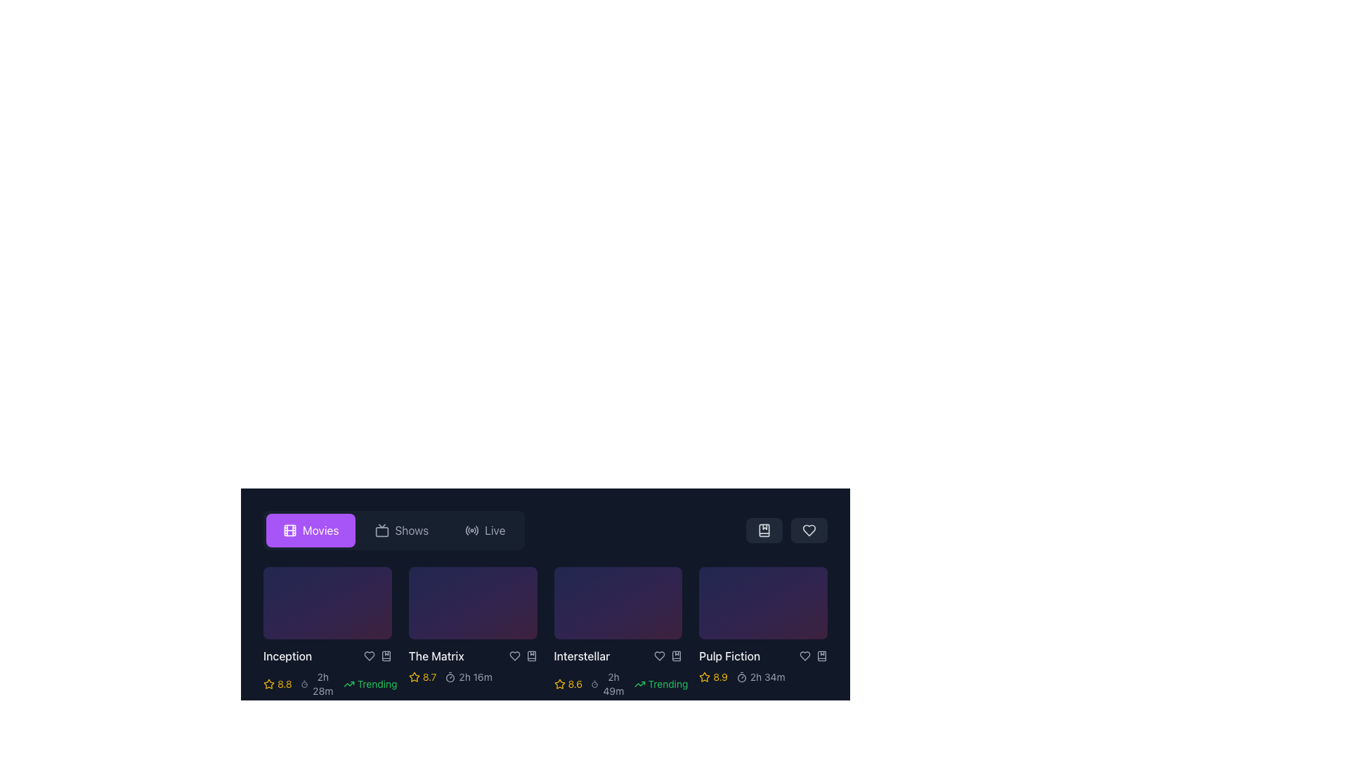  Describe the element at coordinates (393, 531) in the screenshot. I see `the navigation bar button for category selection` at that location.